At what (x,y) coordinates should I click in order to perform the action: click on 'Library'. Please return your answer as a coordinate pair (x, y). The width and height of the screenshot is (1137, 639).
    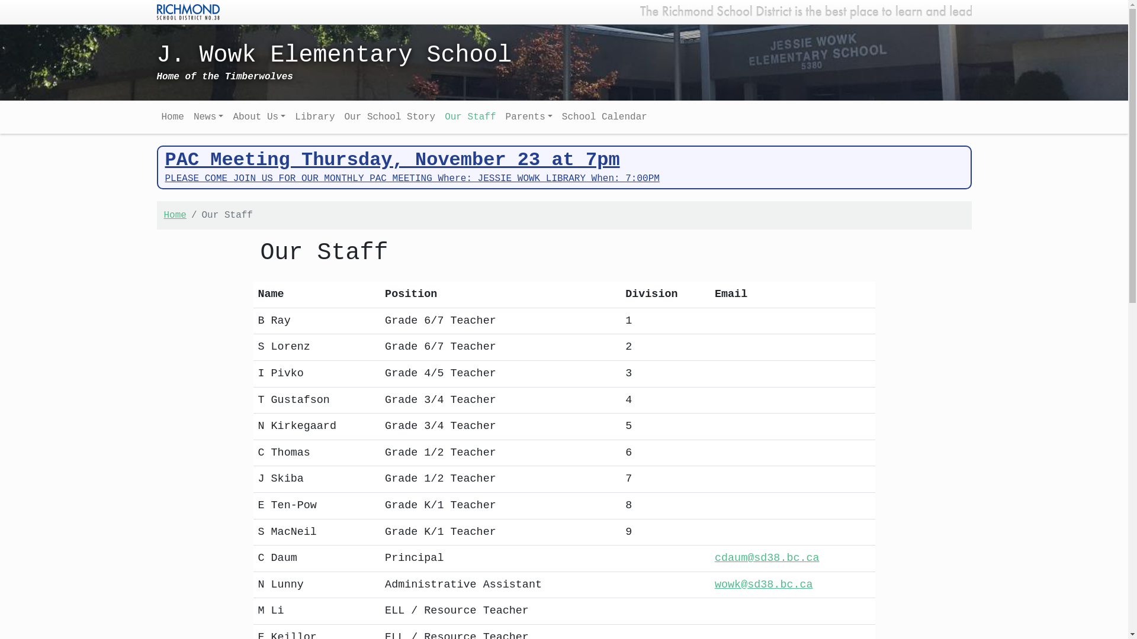
    Looking at the image, I should click on (314, 117).